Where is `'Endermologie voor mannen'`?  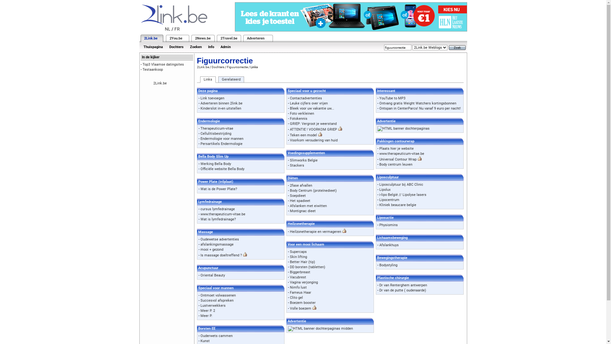
'Endermologie voor mannen' is located at coordinates (222, 138).